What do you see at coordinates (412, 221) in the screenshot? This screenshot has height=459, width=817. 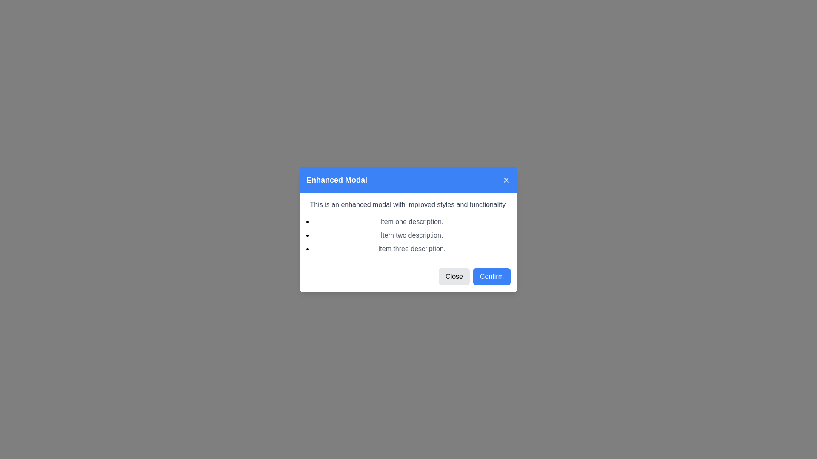 I see `the first item in the bulleted list displaying 'Item one description.' in gray font color within the modal dialog box` at bounding box center [412, 221].